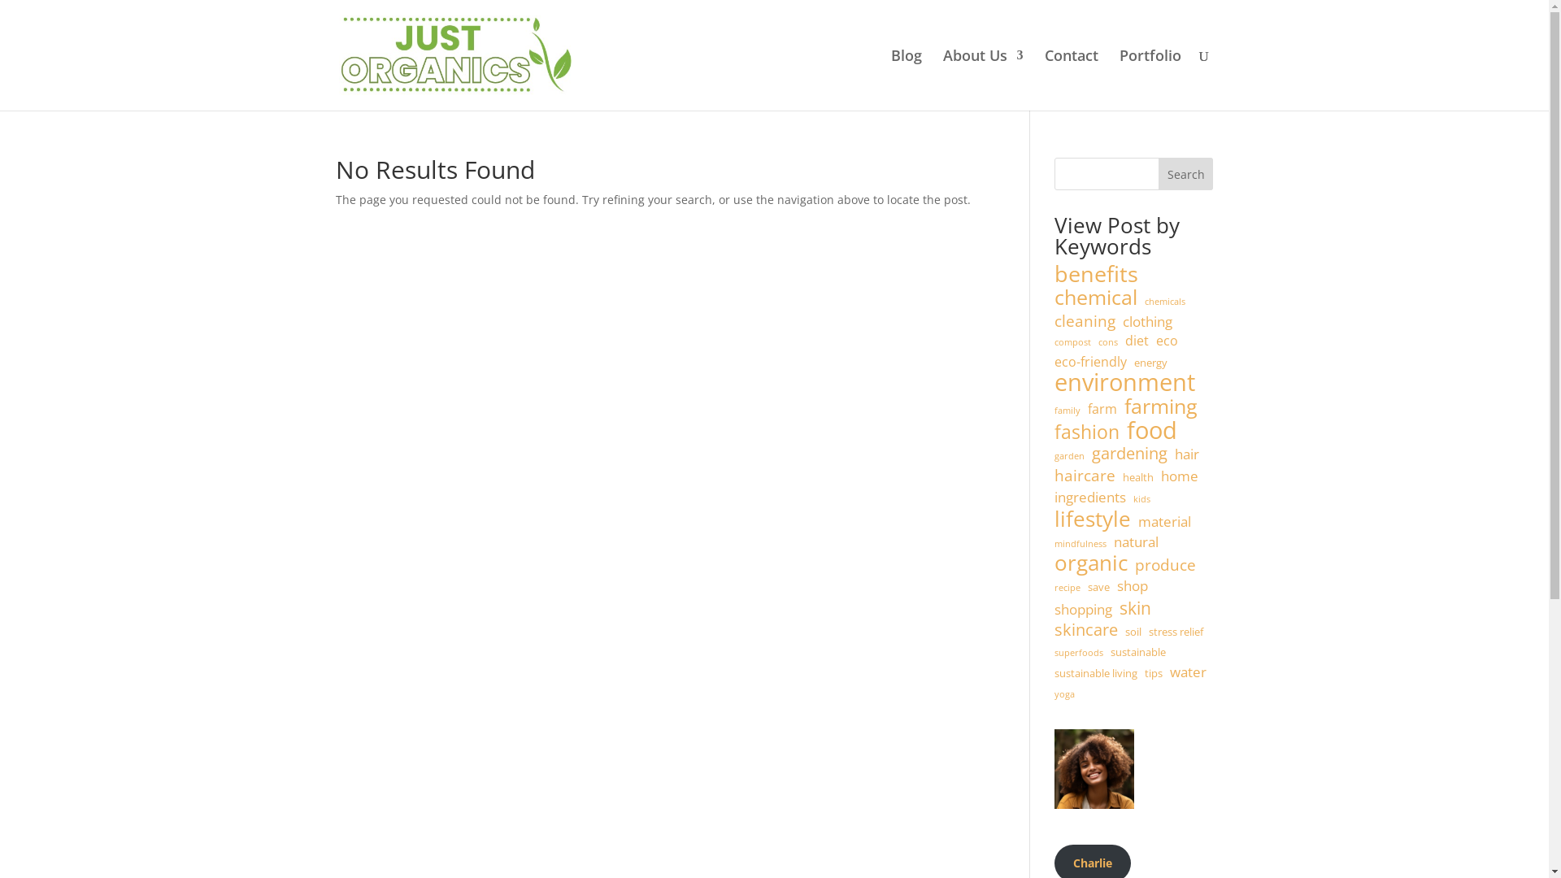  Describe the element at coordinates (1064, 695) in the screenshot. I see `'yoga'` at that location.